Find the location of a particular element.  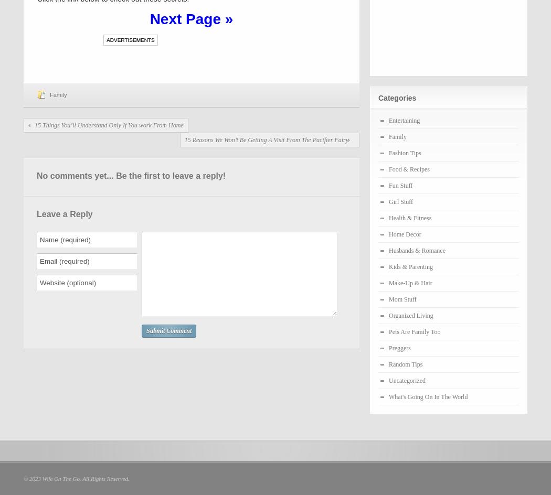

'15 Reasons We Won’t Be Getting A Visit From The Pacifier Fairy' is located at coordinates (266, 139).